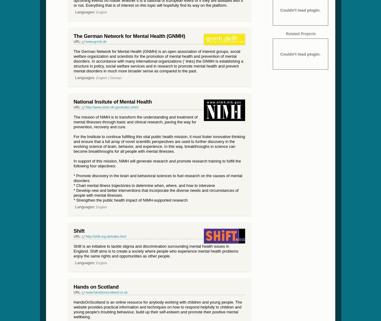  What do you see at coordinates (159, 143) in the screenshot?
I see `'For the Institute to continue fulfilling this vital public health mission, it must foster innovative thinking and ensure that a full array of novel scientific perspectives are used to further discovery in the evolving science of brain, behavior, and experience. In this way, breakthroughs in science can become breakthroughs for all people with mental illnesses.'` at bounding box center [159, 143].